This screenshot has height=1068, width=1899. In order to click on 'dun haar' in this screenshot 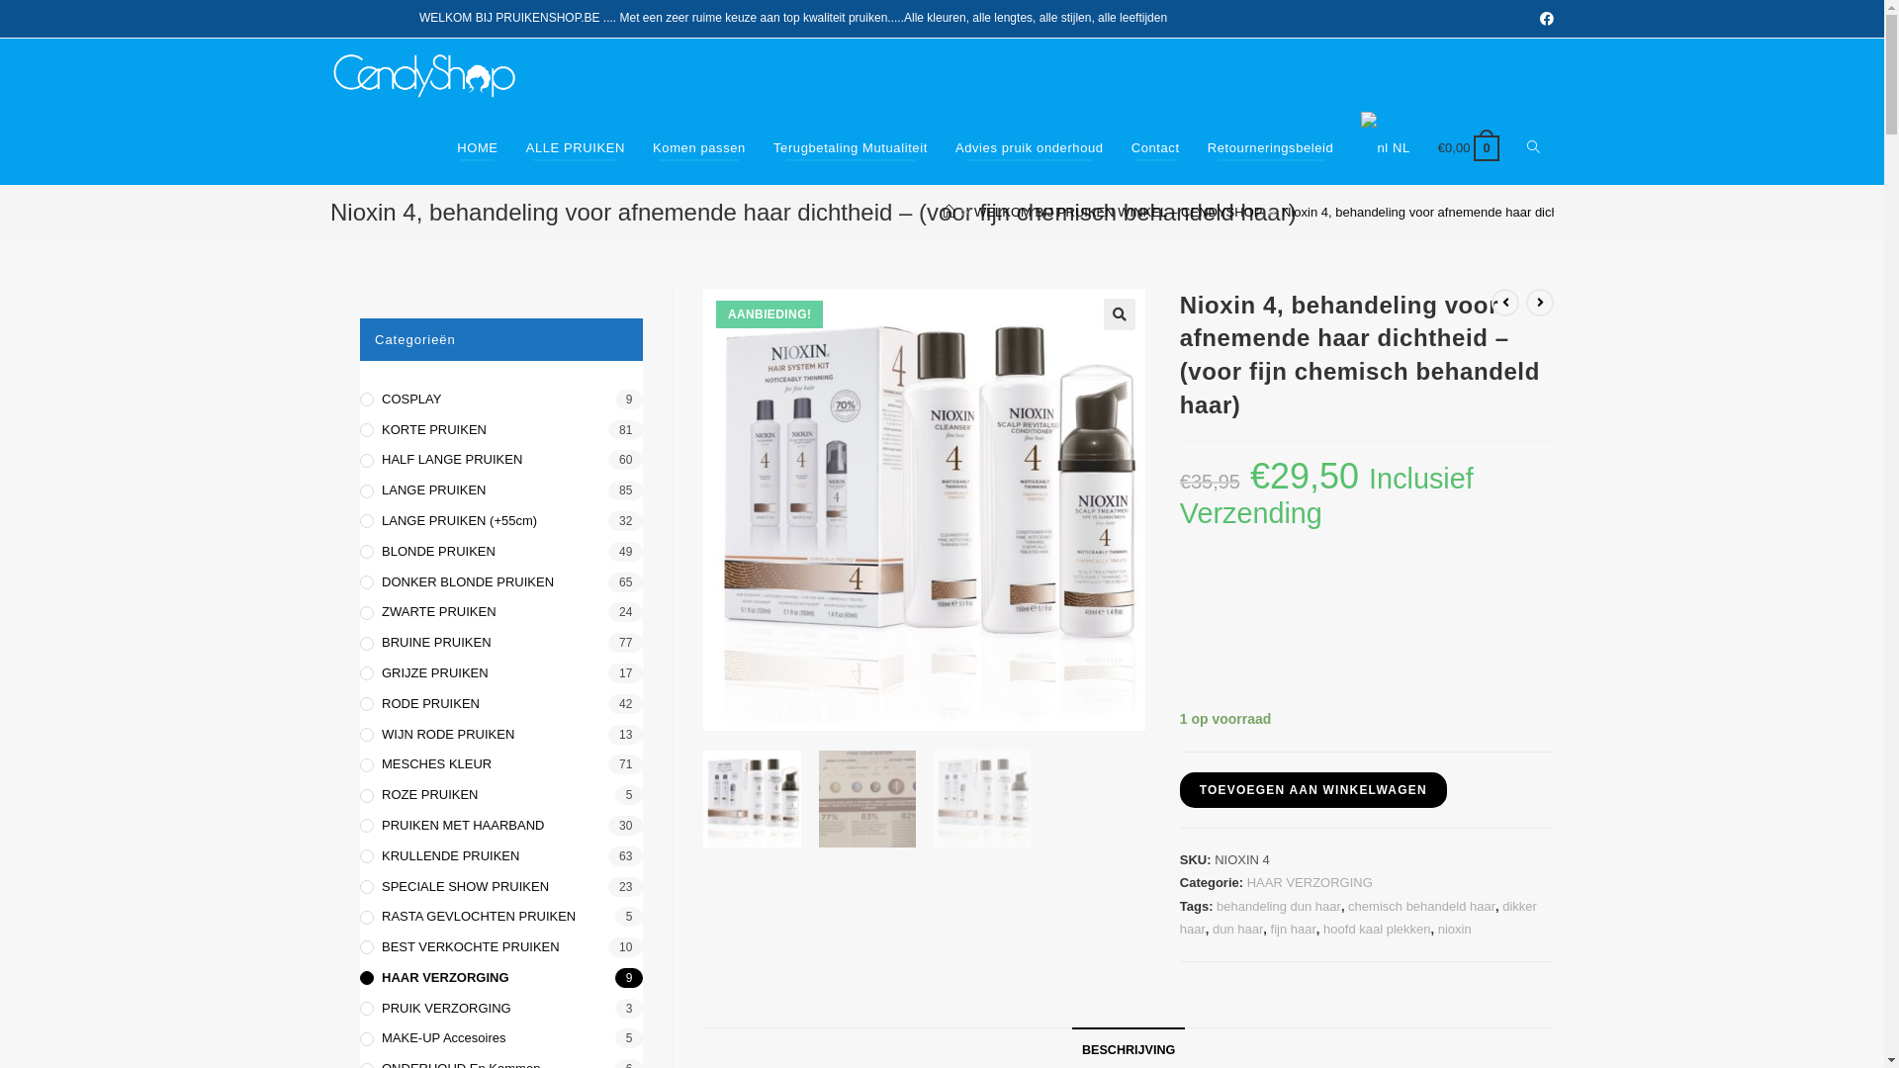, I will do `click(1236, 929)`.